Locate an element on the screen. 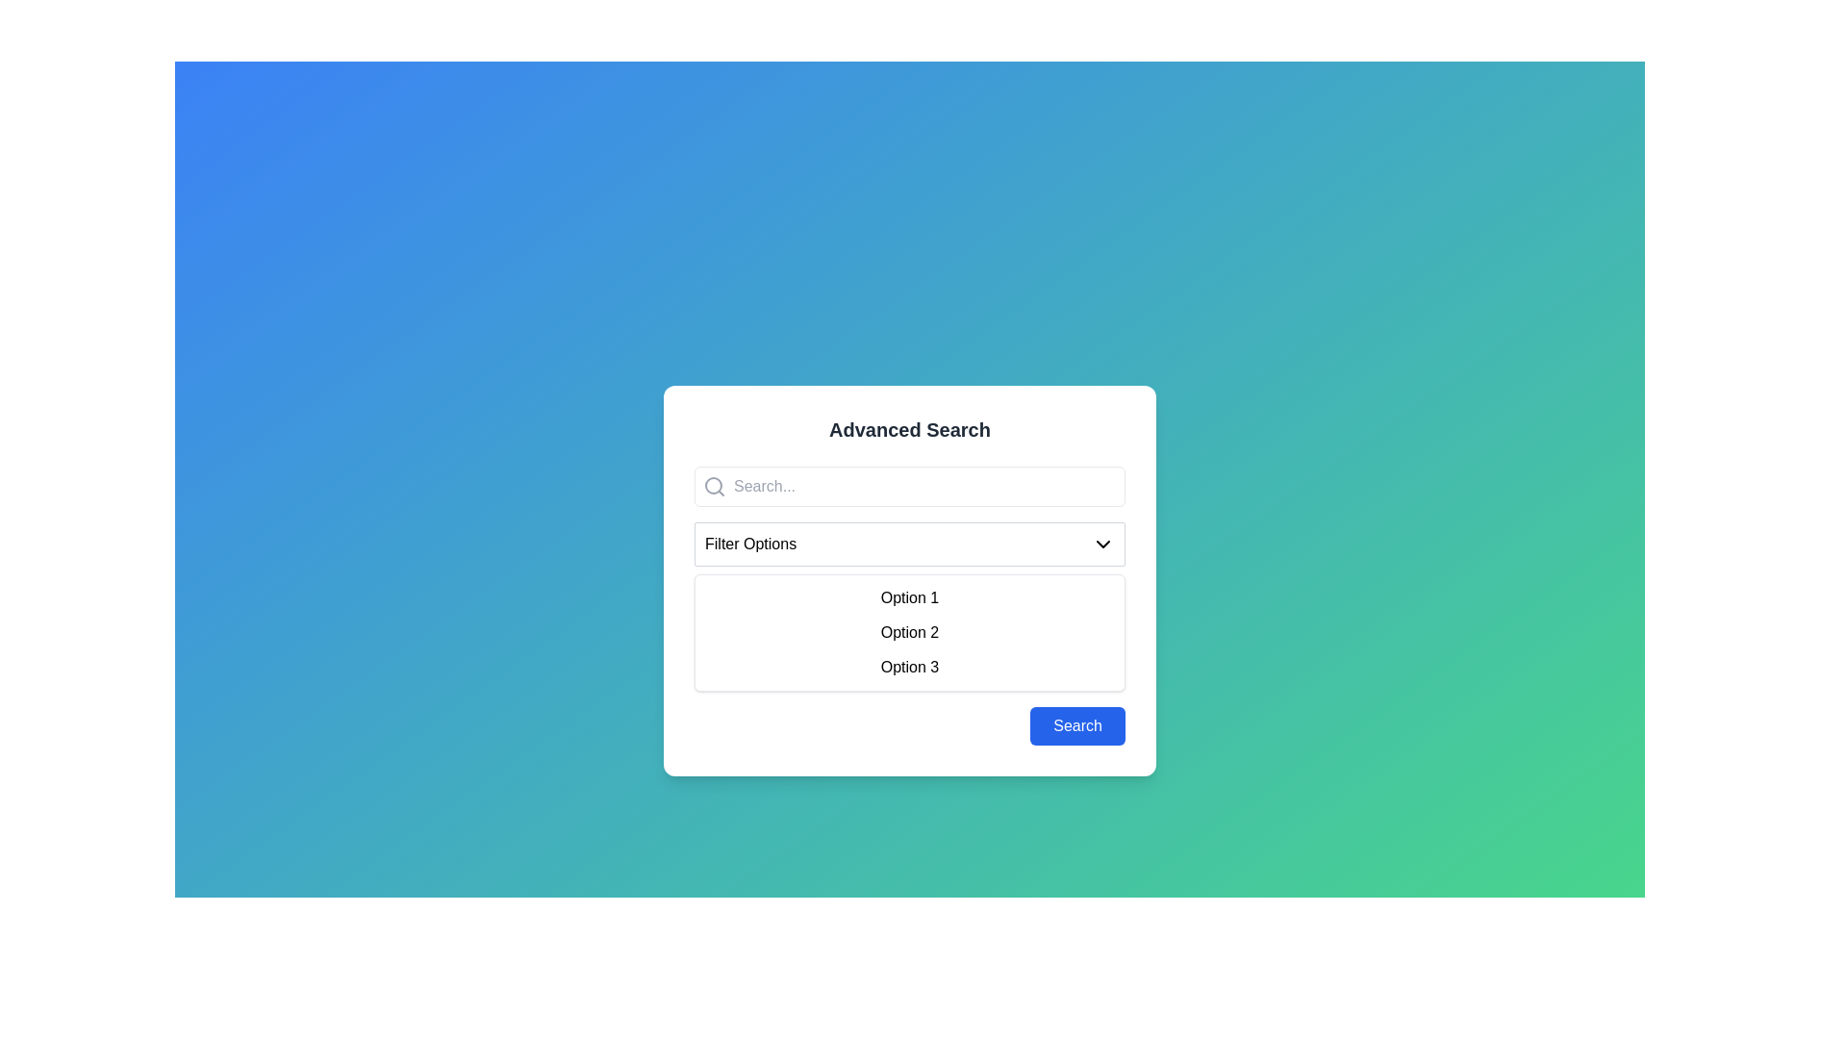 The height and width of the screenshot is (1039, 1847). the 'Option 1' in the dropdown menu located beneath the 'Filter Options' dropdown and above the blue 'Search' button is located at coordinates (908, 580).